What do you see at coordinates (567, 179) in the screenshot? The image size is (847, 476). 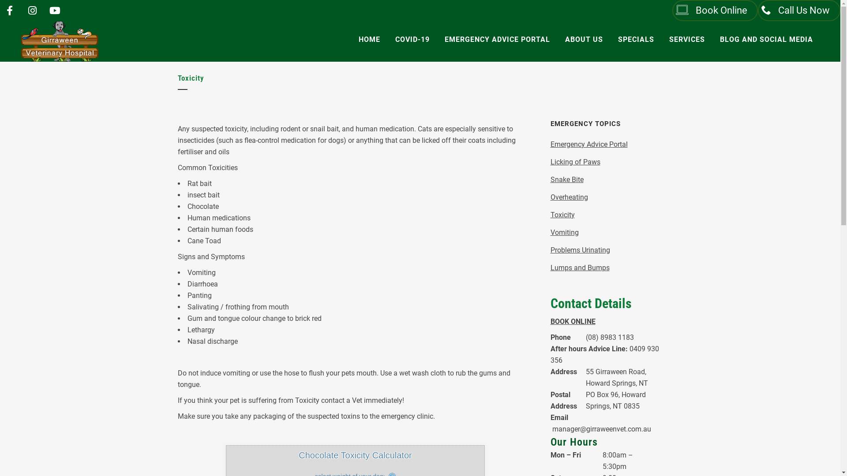 I see `'Snake Bite'` at bounding box center [567, 179].